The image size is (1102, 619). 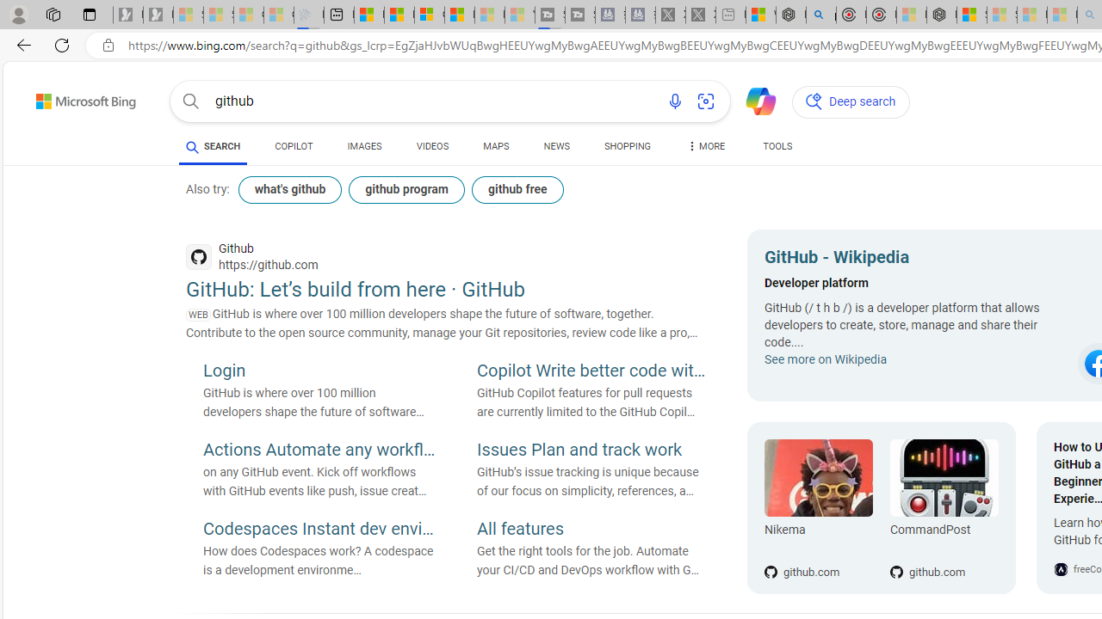 I want to click on 'IMAGES', so click(x=363, y=146).